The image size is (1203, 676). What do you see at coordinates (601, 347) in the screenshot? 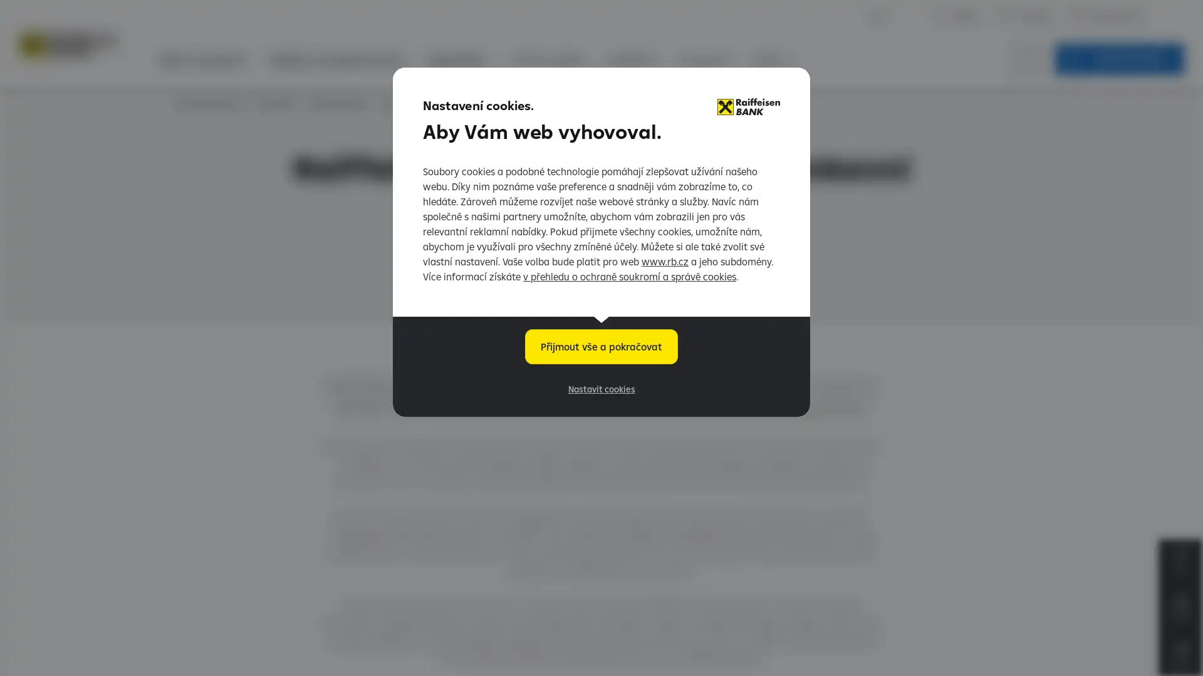
I see `Prijmout vse a pokracovat` at bounding box center [601, 347].